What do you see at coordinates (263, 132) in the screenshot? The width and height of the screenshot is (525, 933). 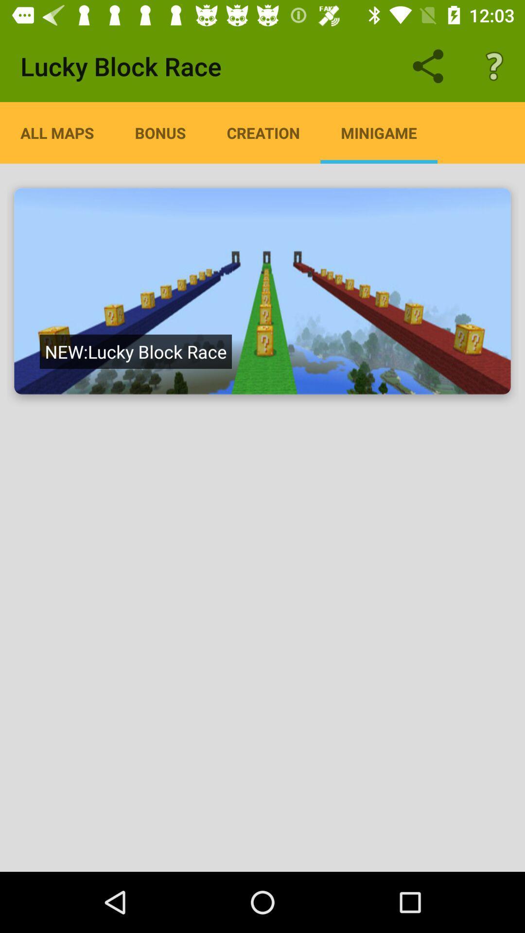 I see `app next to bonus app` at bounding box center [263, 132].